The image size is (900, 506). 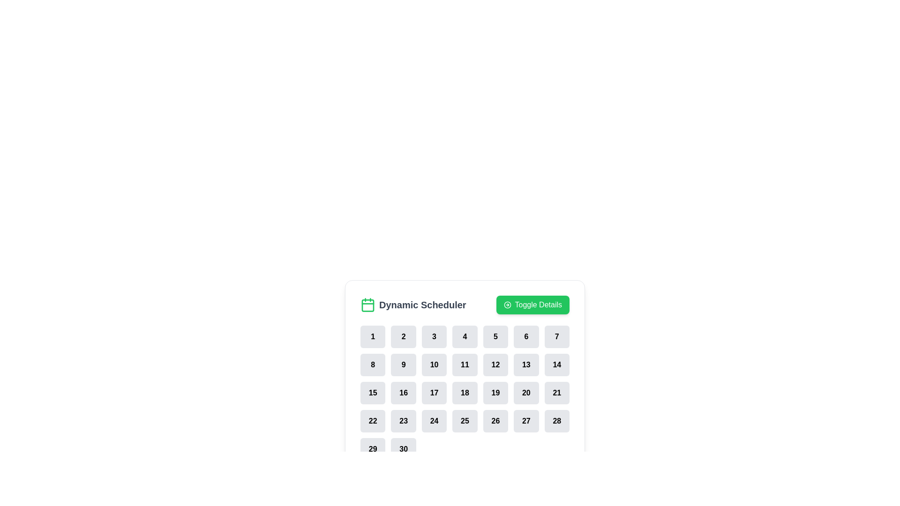 What do you see at coordinates (367, 305) in the screenshot?
I see `the calendar icon with a green border and white background located next to the text 'Dynamic Scheduler'` at bounding box center [367, 305].